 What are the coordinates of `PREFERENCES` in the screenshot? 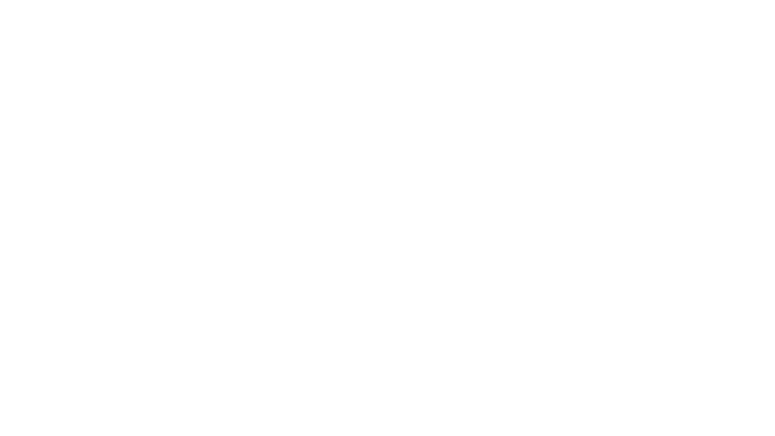 It's located at (387, 293).